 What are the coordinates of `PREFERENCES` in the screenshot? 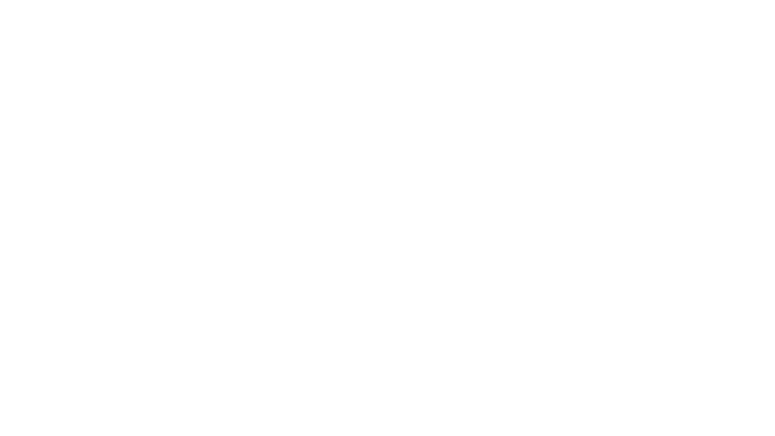 It's located at (387, 293).